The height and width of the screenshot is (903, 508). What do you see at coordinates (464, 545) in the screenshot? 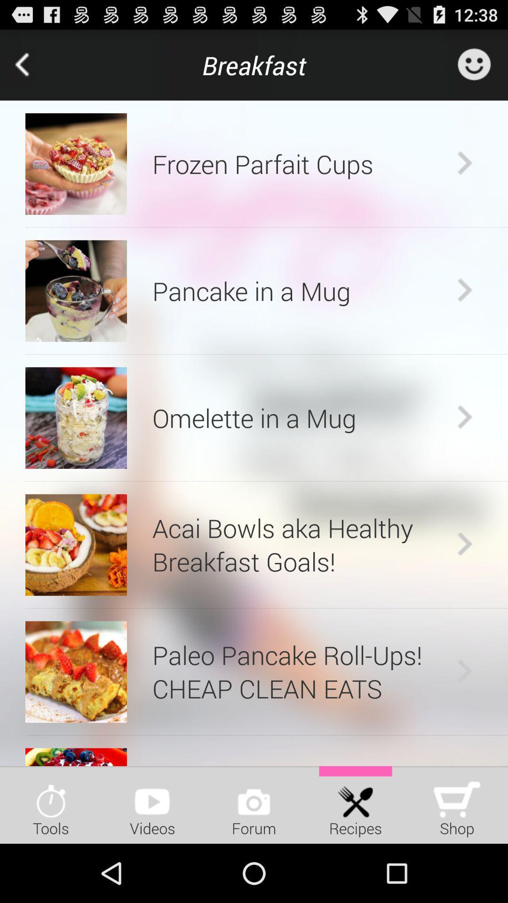
I see `the icon next to acai bowls aka` at bounding box center [464, 545].